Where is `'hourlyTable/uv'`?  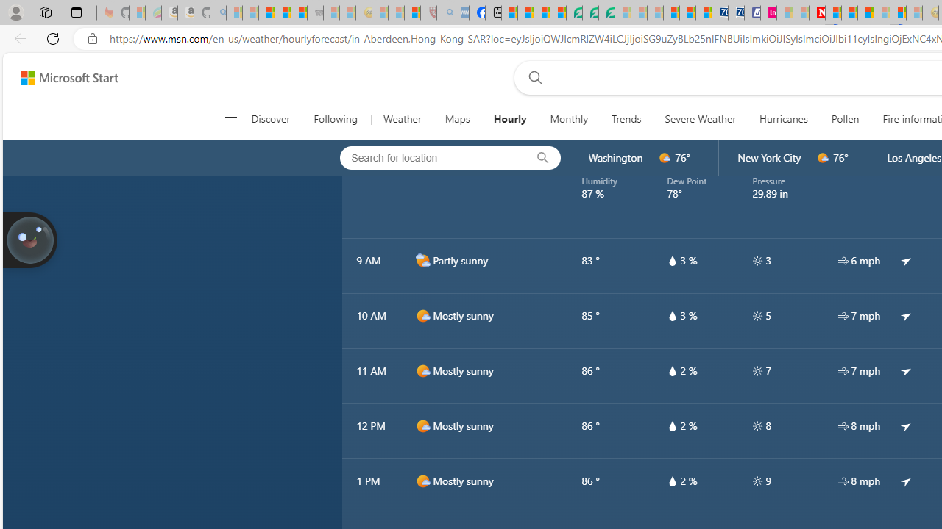 'hourlyTable/uv' is located at coordinates (757, 481).